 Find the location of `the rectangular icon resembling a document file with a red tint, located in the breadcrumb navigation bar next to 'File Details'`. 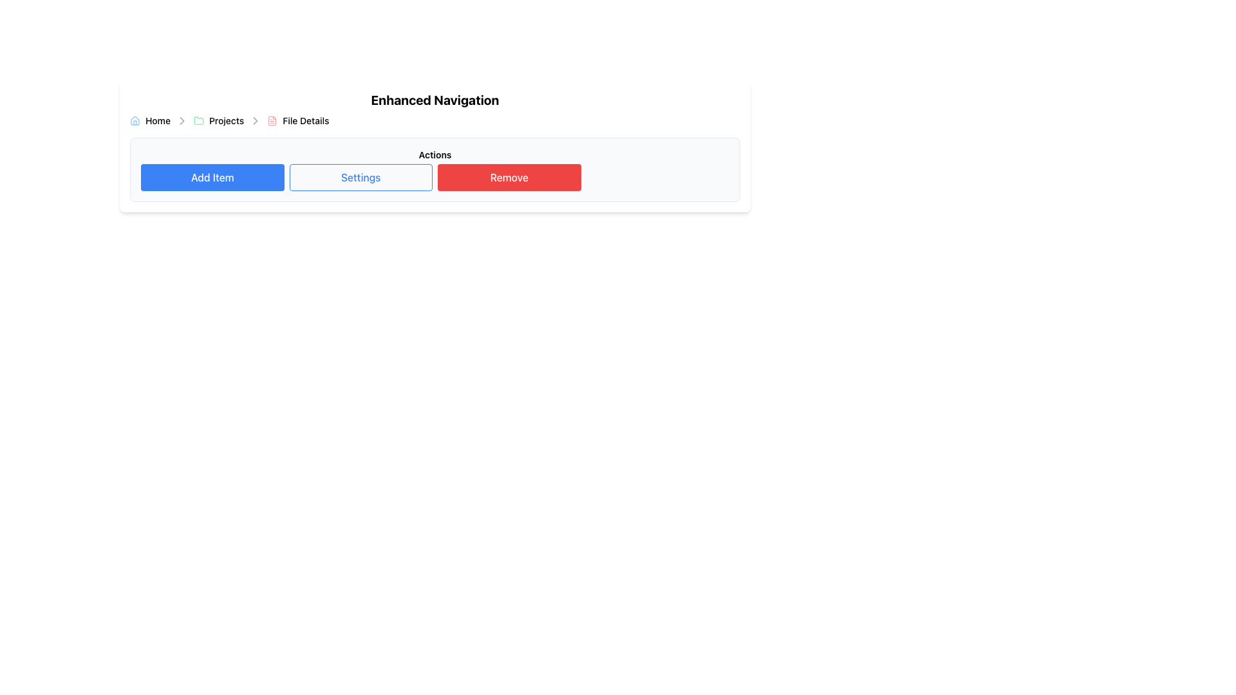

the rectangular icon resembling a document file with a red tint, located in the breadcrumb navigation bar next to 'File Details' is located at coordinates (272, 121).